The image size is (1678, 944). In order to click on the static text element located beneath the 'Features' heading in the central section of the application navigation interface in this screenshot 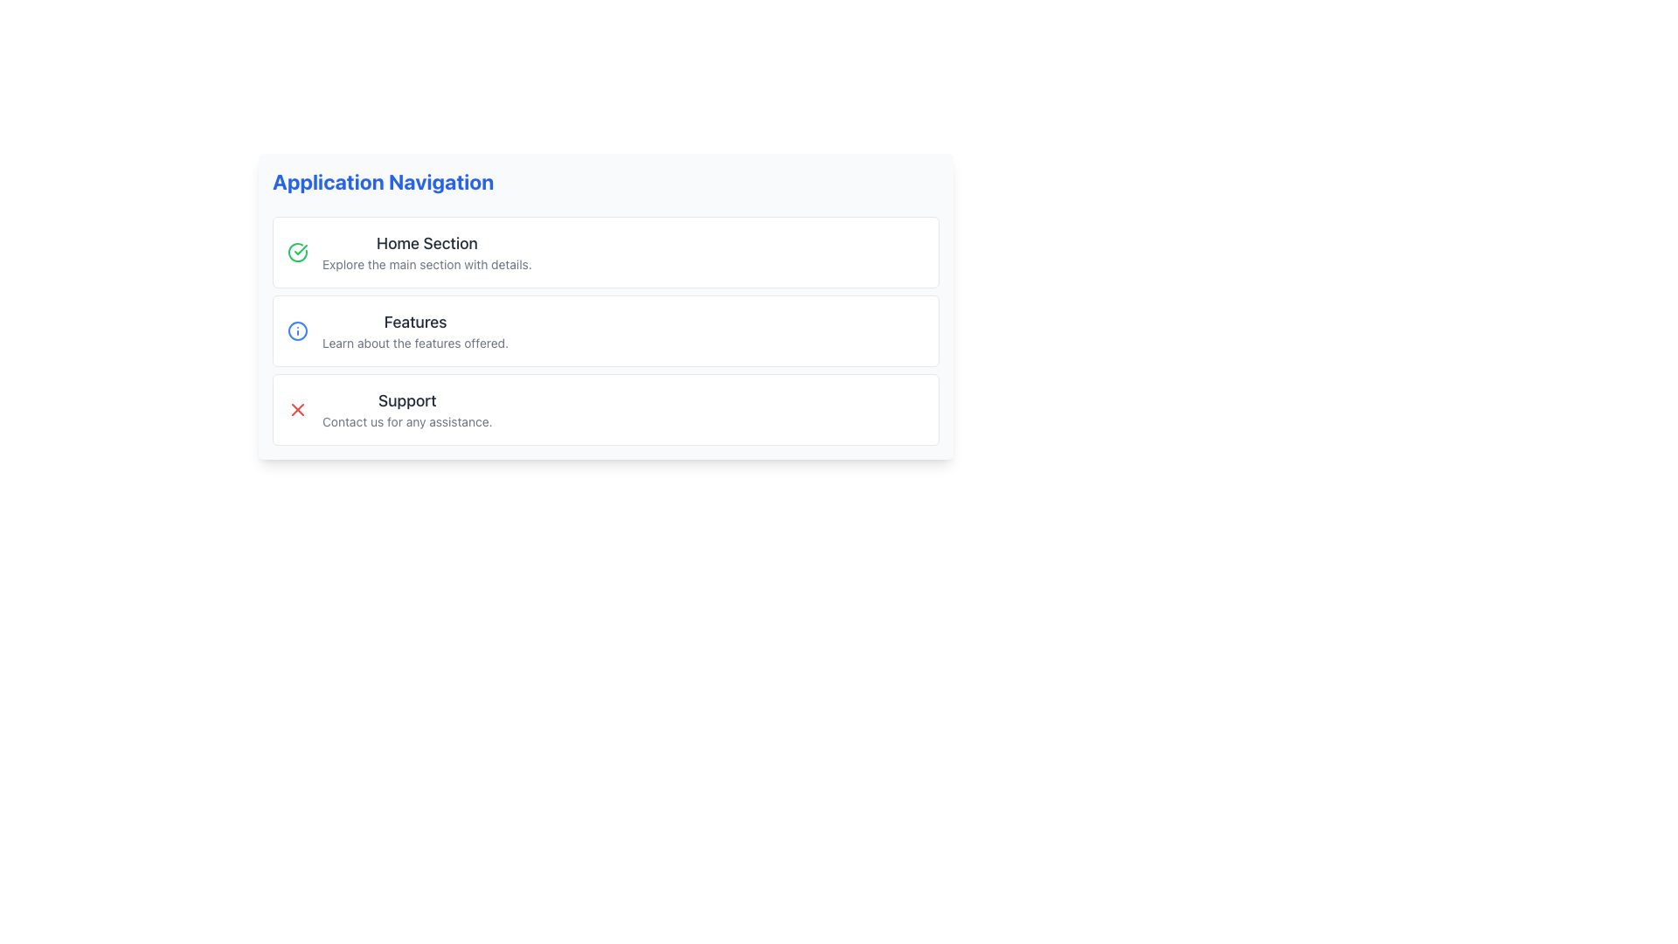, I will do `click(414, 344)`.